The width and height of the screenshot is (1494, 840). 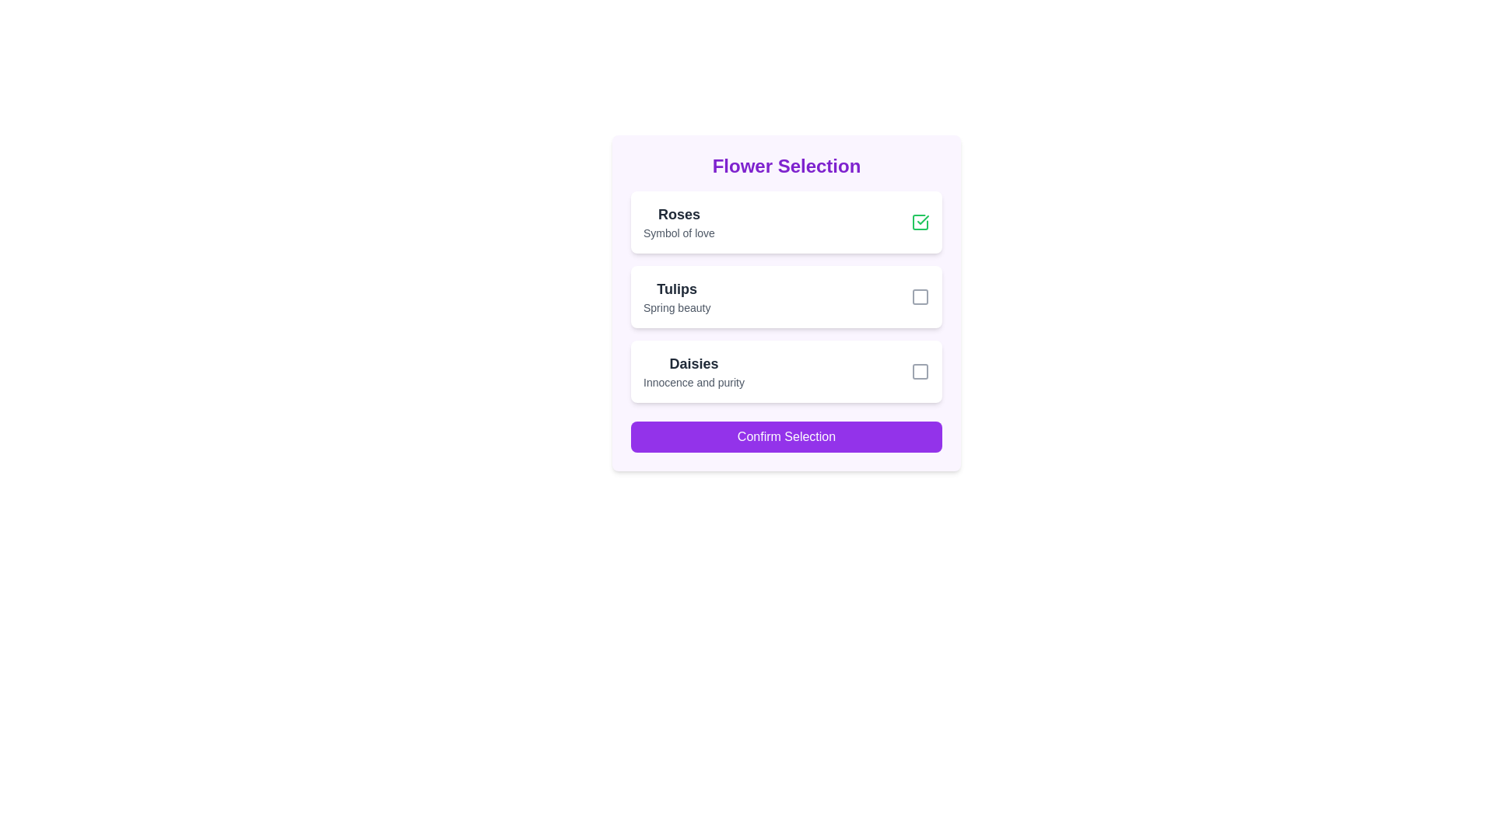 What do you see at coordinates (677, 289) in the screenshot?
I see `the text label displaying 'Tulips' in bold, dark gray font, located at the top of the 'Tulips - Spring beauty' selection card in the 'Flower Selection' modal` at bounding box center [677, 289].